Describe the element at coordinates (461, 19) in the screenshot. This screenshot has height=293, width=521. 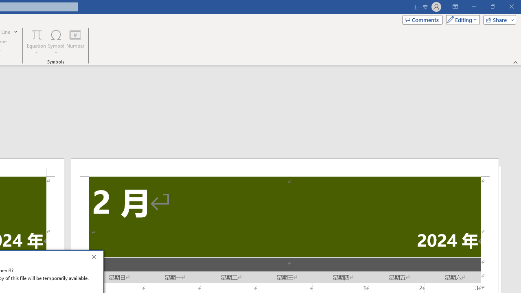
I see `'Mode'` at that location.